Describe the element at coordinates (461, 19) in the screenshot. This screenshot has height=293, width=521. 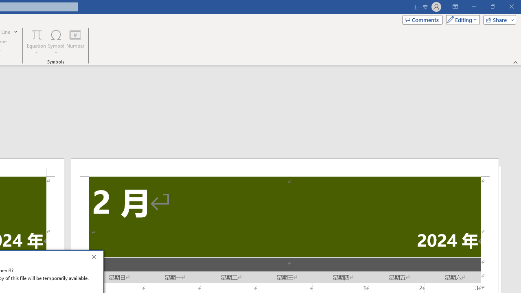
I see `'Mode'` at that location.